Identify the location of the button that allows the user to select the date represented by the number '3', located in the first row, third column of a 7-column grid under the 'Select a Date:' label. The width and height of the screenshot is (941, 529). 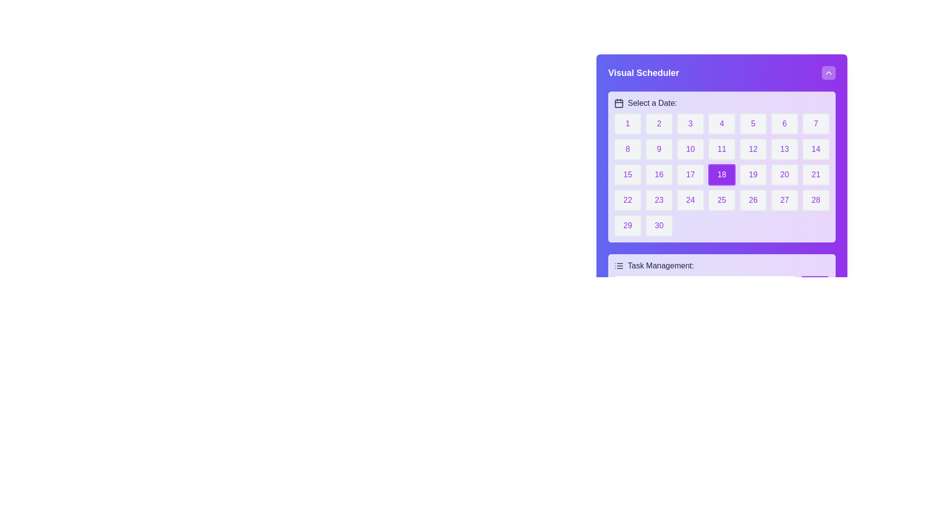
(690, 123).